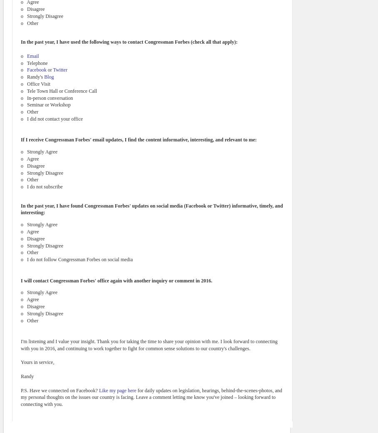  Describe the element at coordinates (27, 376) in the screenshot. I see `'Randy'` at that location.